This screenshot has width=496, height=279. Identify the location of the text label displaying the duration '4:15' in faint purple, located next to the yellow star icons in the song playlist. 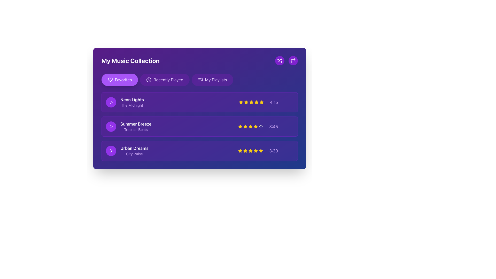
(266, 102).